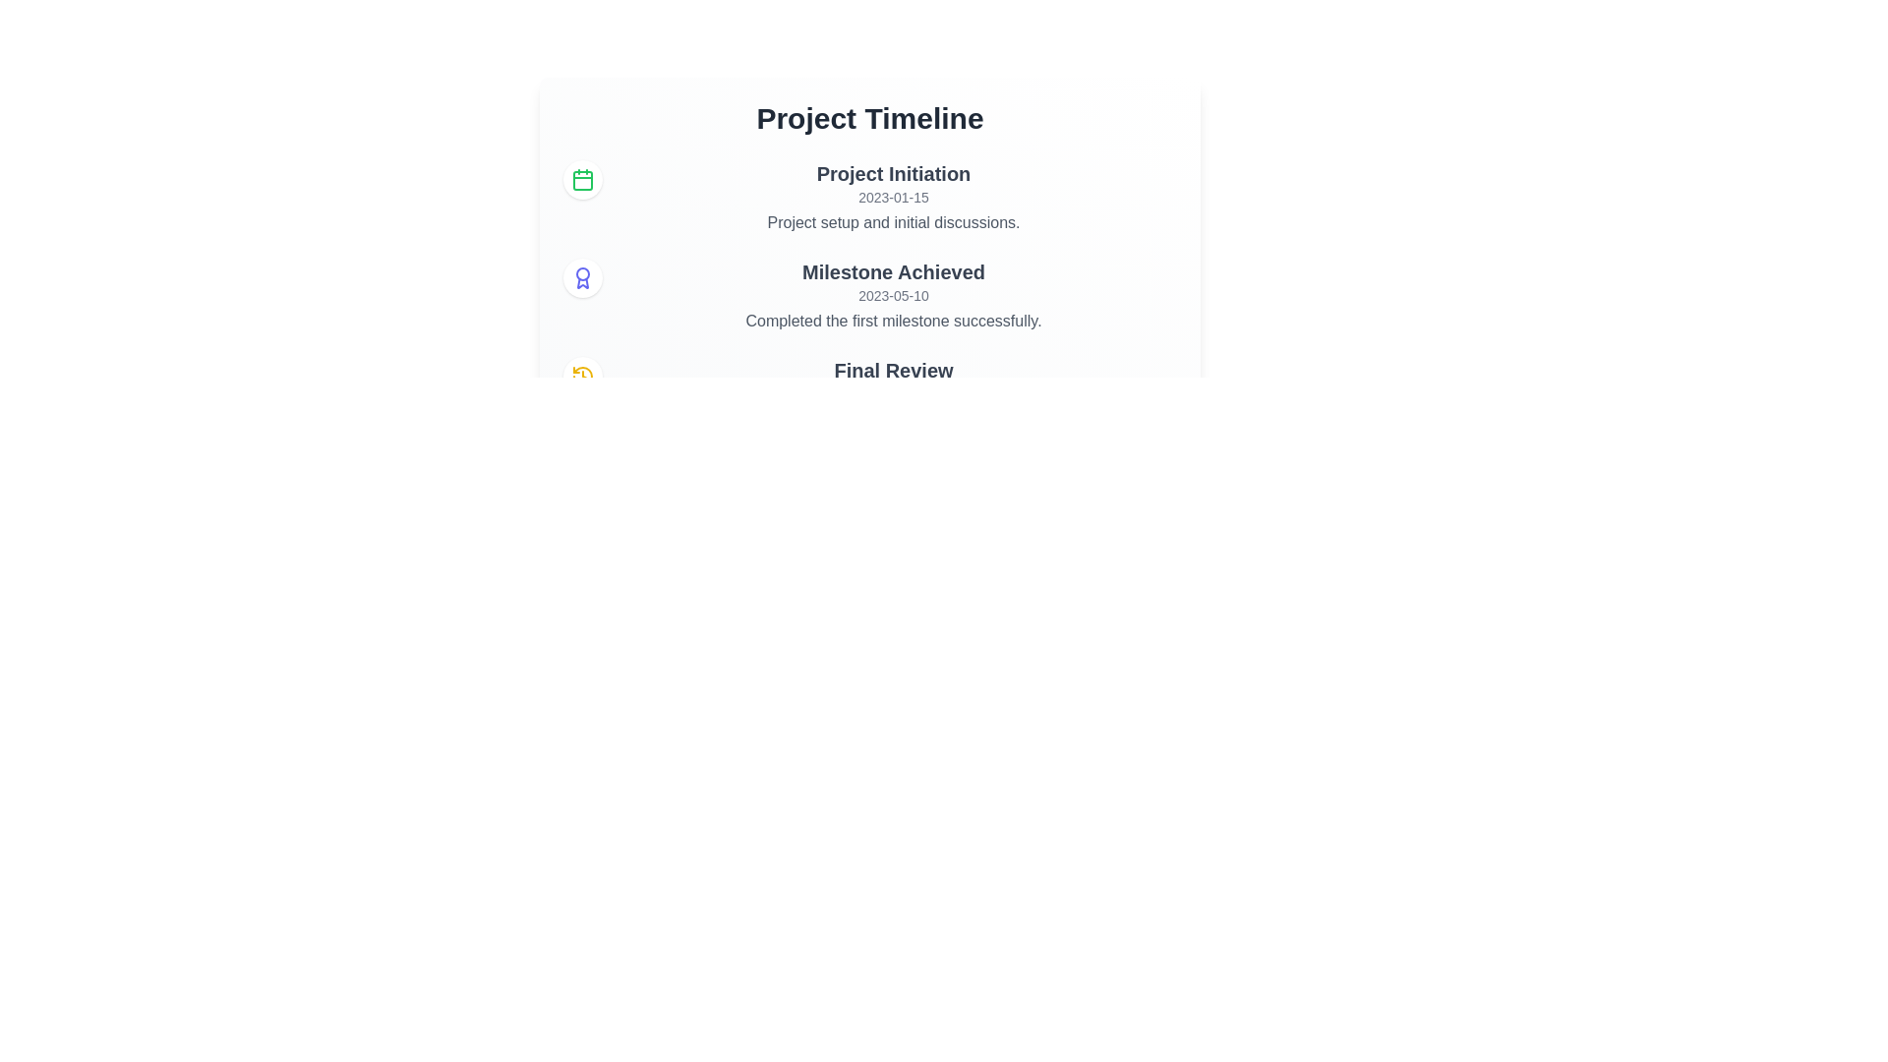  I want to click on the icon representing the event 'Project Initiation', so click(582, 179).